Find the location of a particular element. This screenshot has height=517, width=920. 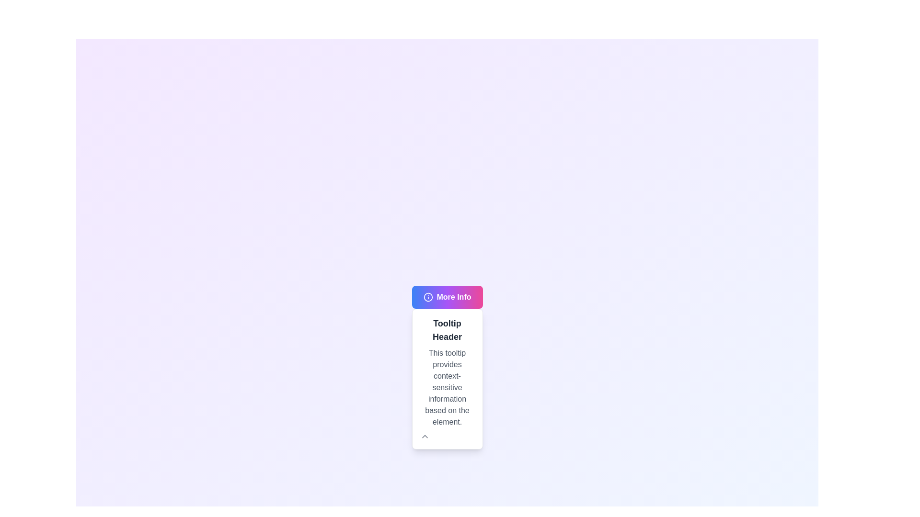

the circular element that is part of the stylized info icon located in the 'More Info' section, which has a light fill and a prominent outline is located at coordinates (427, 297).